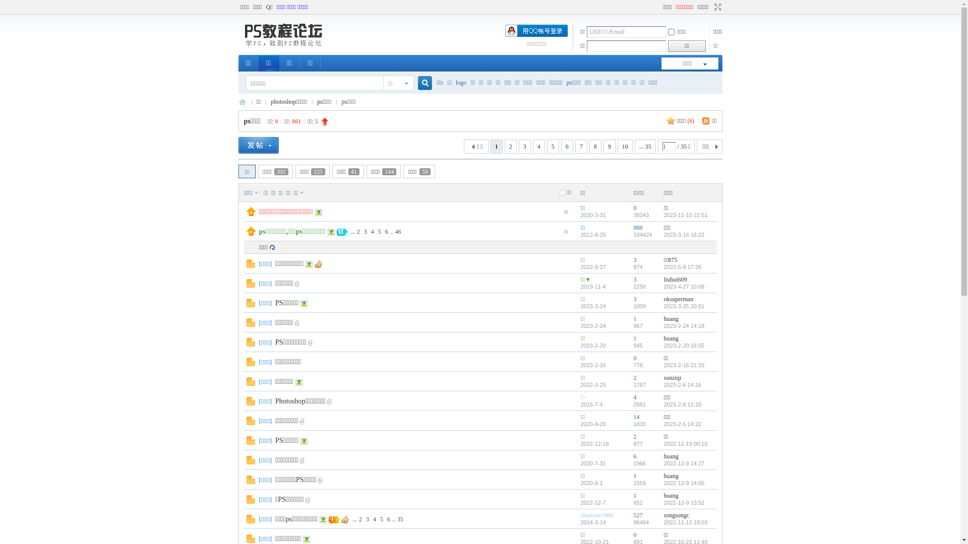  What do you see at coordinates (663, 503) in the screenshot?
I see `'2022-12-9 13:52'` at bounding box center [663, 503].